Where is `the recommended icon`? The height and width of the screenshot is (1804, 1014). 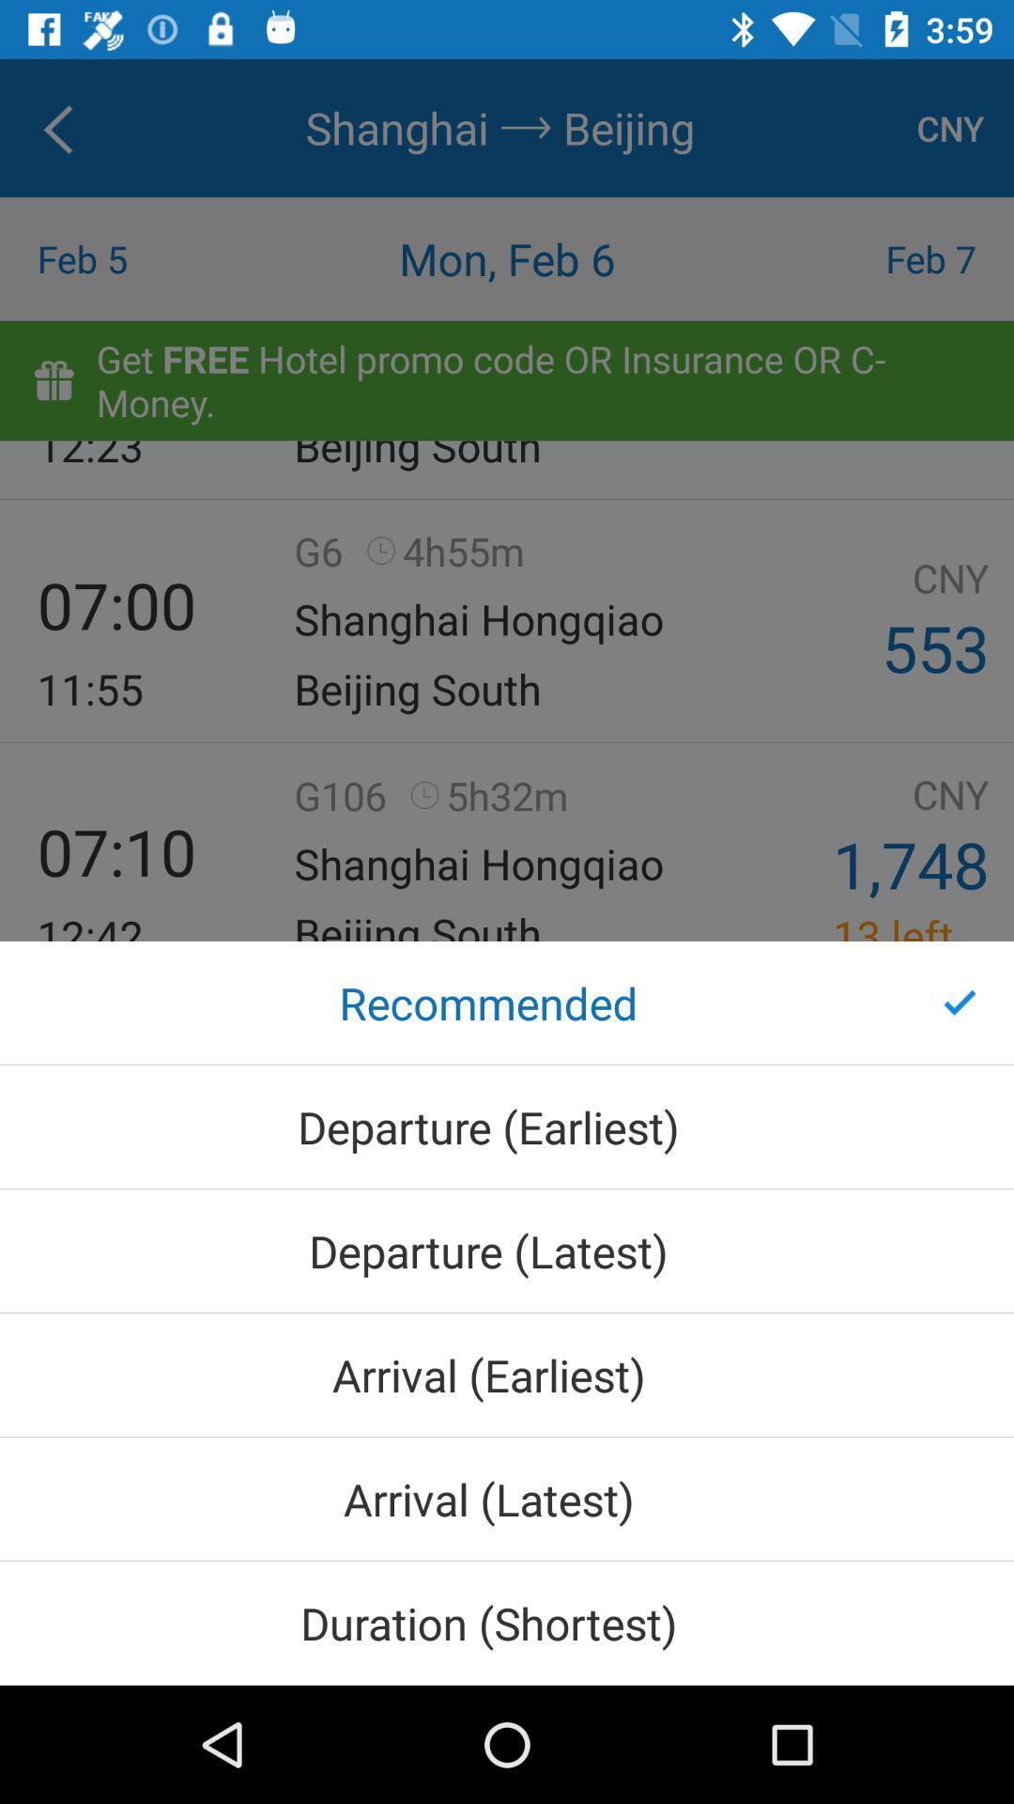
the recommended icon is located at coordinates (507, 1002).